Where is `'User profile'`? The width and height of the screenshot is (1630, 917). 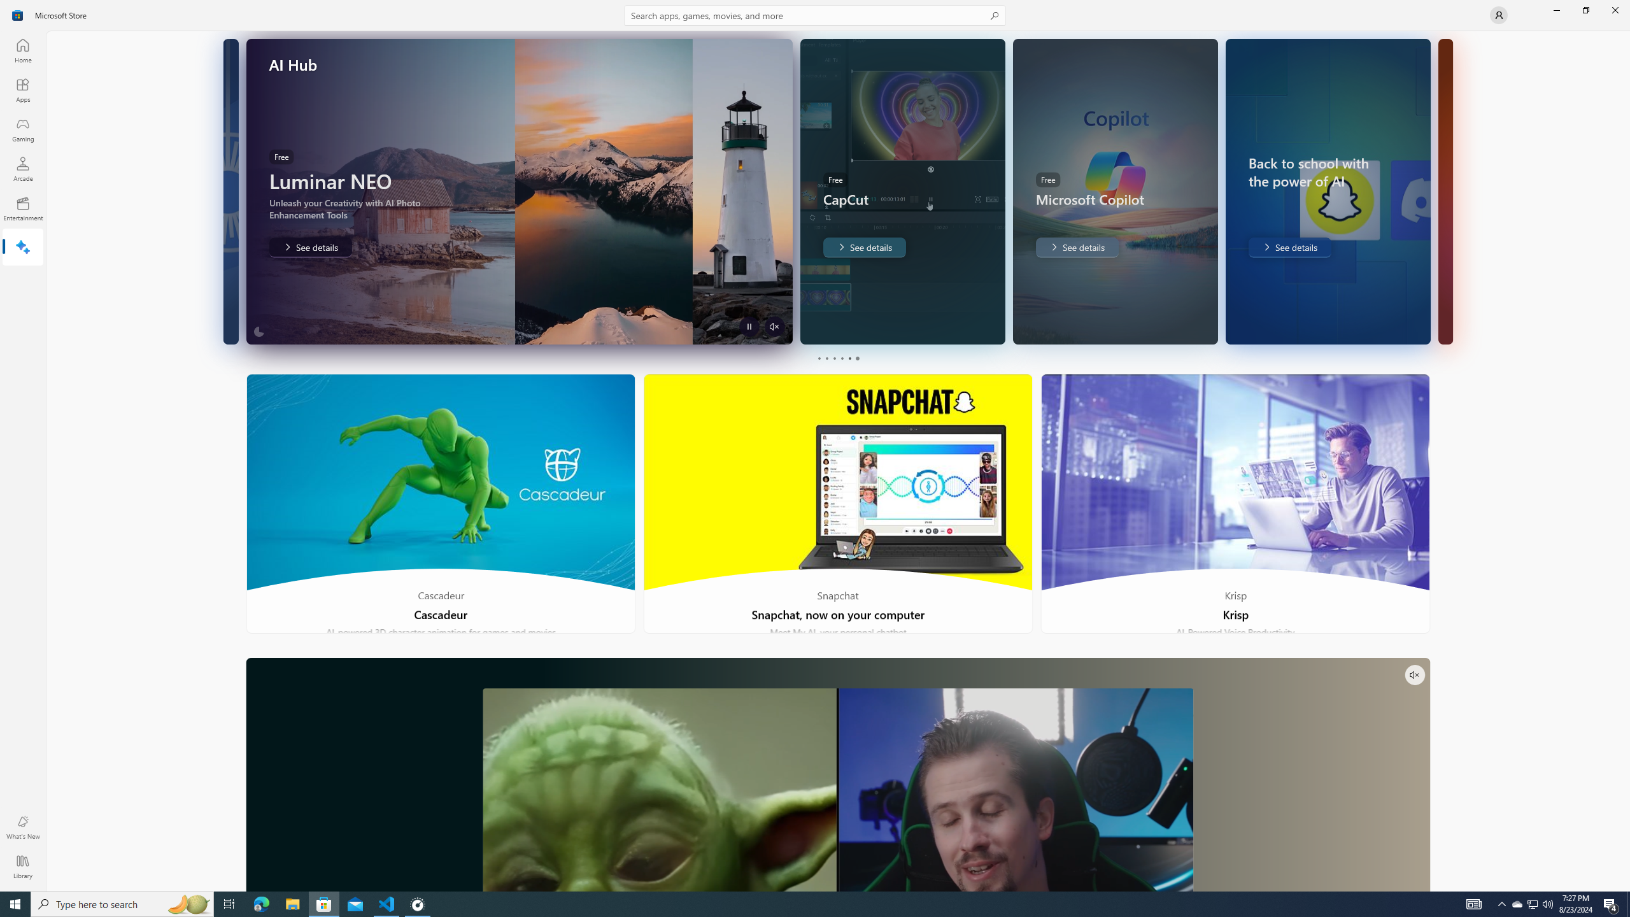 'User profile' is located at coordinates (1498, 14).